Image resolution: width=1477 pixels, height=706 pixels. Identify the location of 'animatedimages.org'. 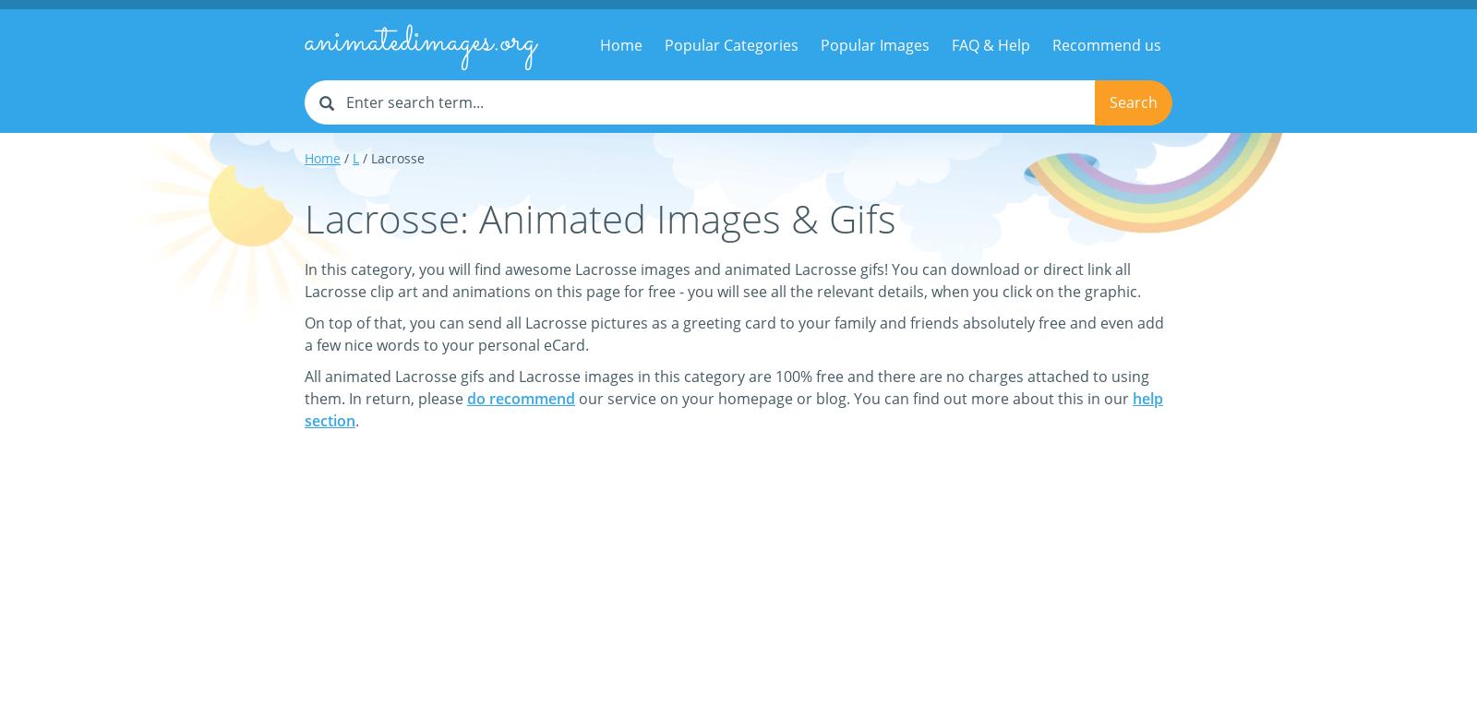
(419, 42).